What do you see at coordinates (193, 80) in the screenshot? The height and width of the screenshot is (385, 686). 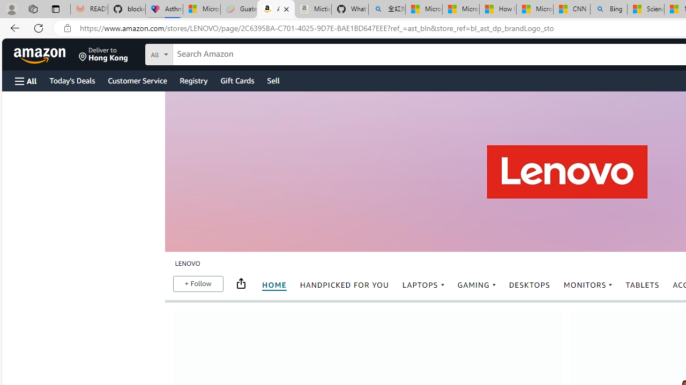 I see `'Registry'` at bounding box center [193, 80].